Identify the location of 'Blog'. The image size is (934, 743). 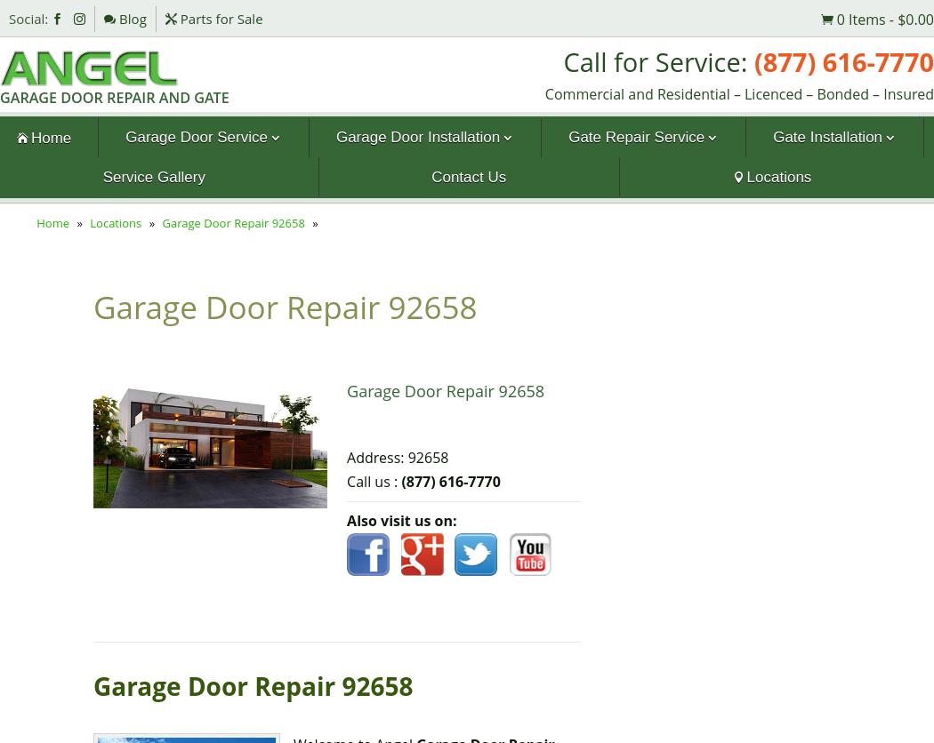
(114, 18).